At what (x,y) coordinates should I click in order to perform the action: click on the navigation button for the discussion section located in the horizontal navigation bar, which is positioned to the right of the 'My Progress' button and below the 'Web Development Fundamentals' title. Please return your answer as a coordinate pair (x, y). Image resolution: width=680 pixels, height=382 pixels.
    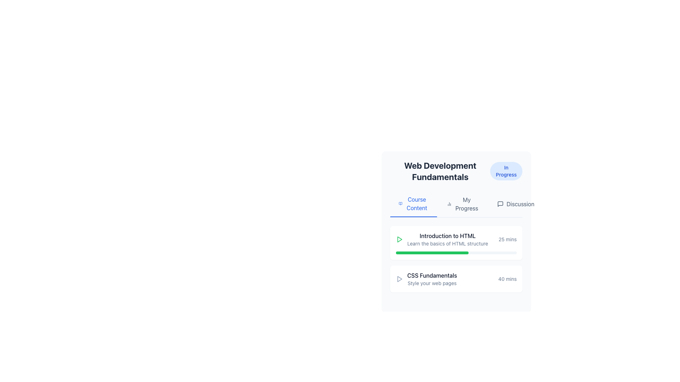
    Looking at the image, I should click on (516, 204).